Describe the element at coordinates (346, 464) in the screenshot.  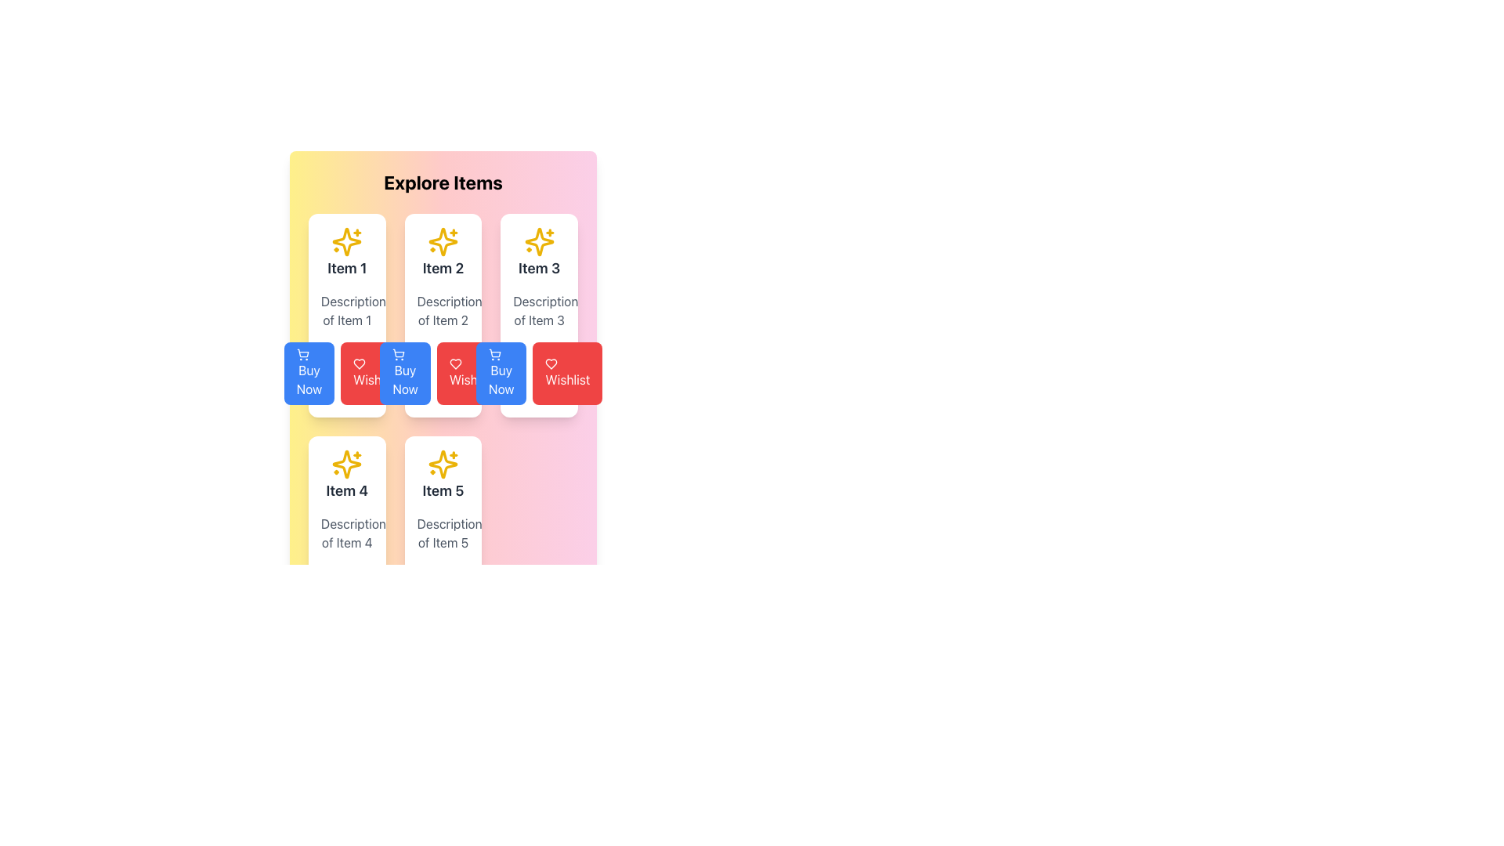
I see `the star-shaped icon representing the sparkle applied to Item 4, located in the lower left section of the item grid between Item 3 and Item 5` at that location.